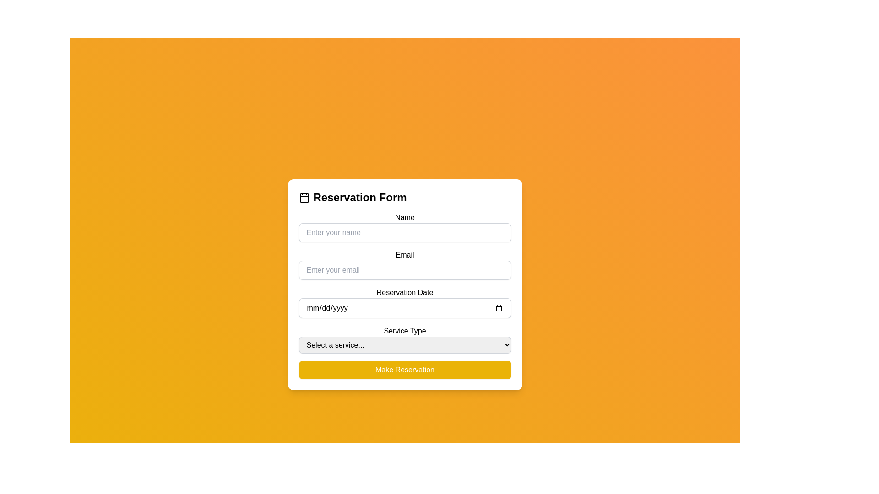 The height and width of the screenshot is (494, 879). What do you see at coordinates (404, 369) in the screenshot?
I see `the button at the bottom of the form layout` at bounding box center [404, 369].